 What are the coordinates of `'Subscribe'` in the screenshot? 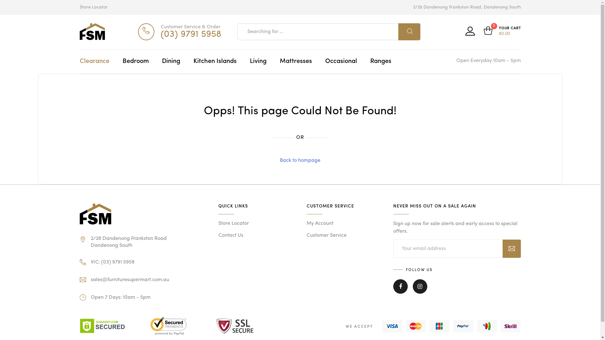 It's located at (511, 248).